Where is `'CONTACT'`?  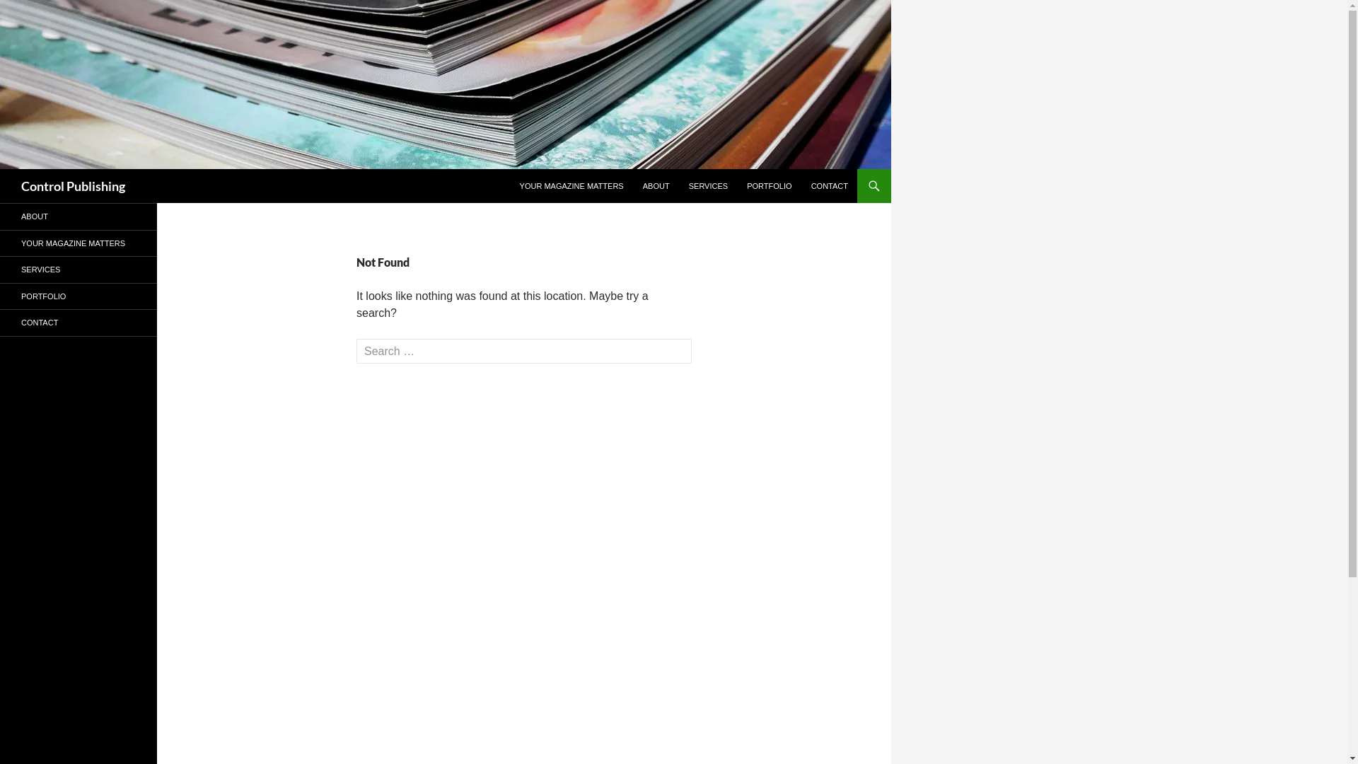 'CONTACT' is located at coordinates (77, 323).